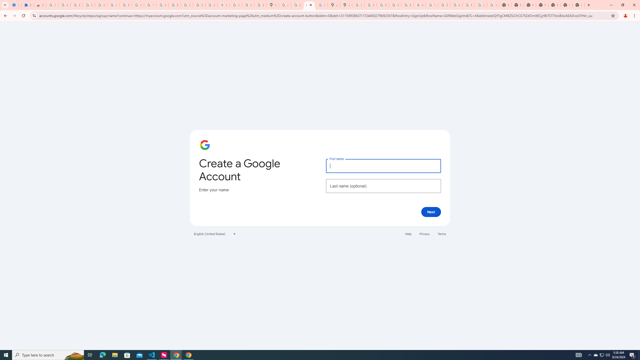 The width and height of the screenshot is (640, 360). Describe the element at coordinates (394, 5) in the screenshot. I see `'Privacy Help Center - Policies Help'` at that location.